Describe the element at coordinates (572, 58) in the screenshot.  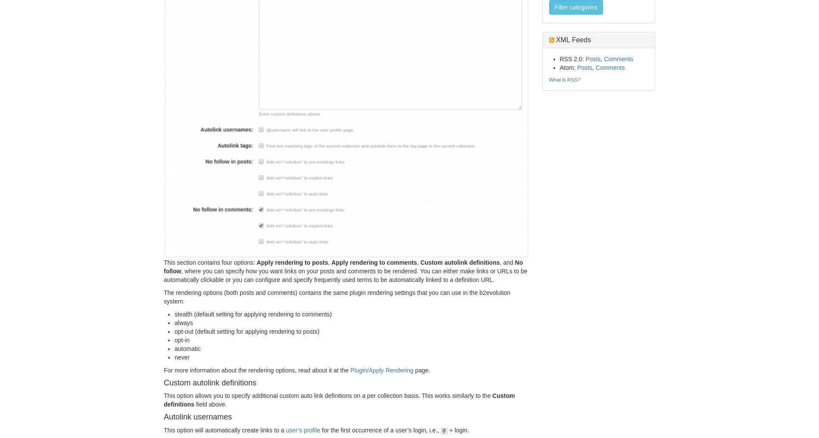
I see `'RSS 2.0:'` at that location.